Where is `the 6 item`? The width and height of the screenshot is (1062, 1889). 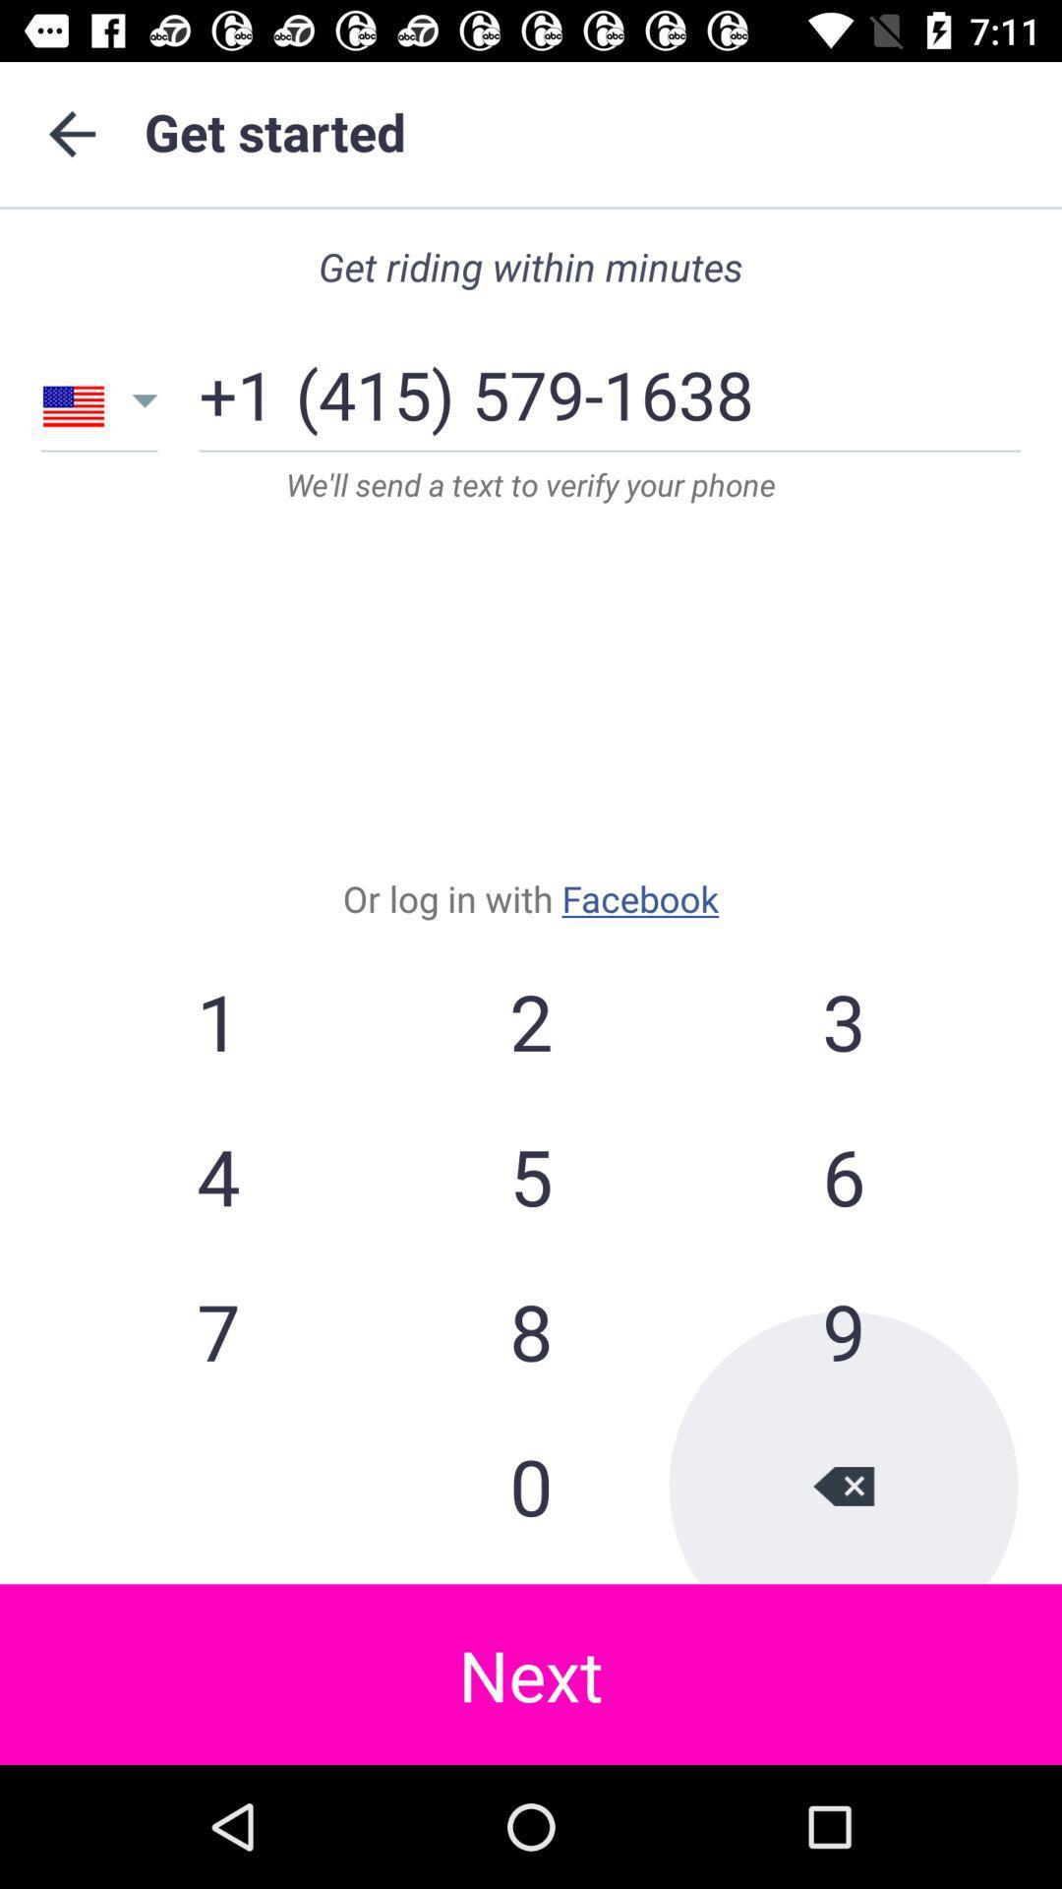 the 6 item is located at coordinates (842, 1176).